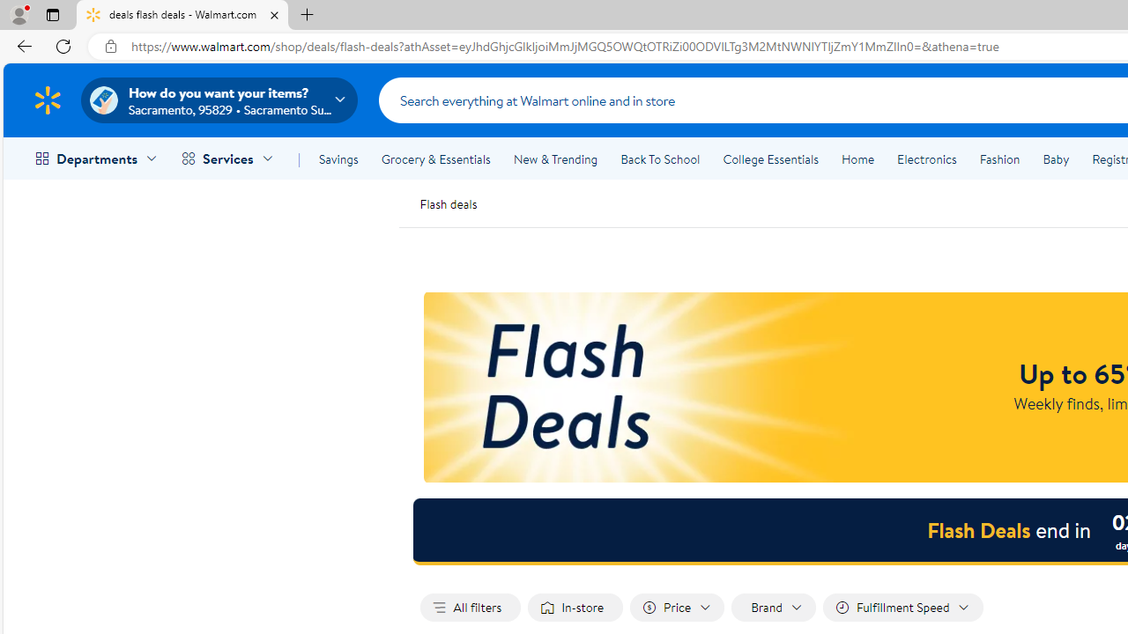  I want to click on 'Back To School', so click(659, 159).